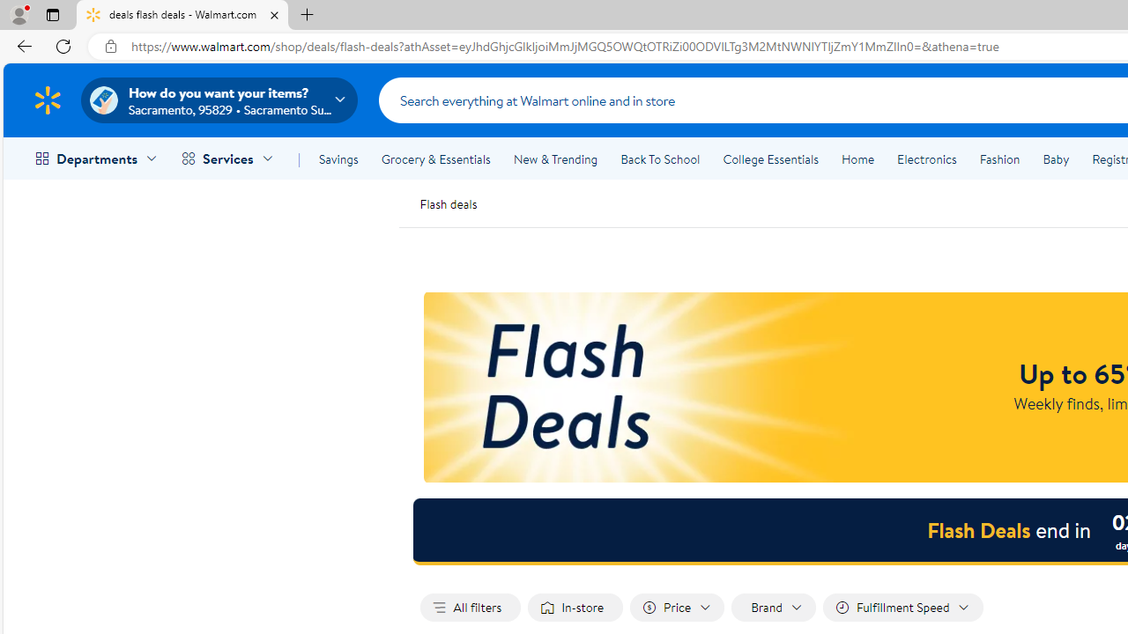  I want to click on 'Back To School', so click(659, 159).